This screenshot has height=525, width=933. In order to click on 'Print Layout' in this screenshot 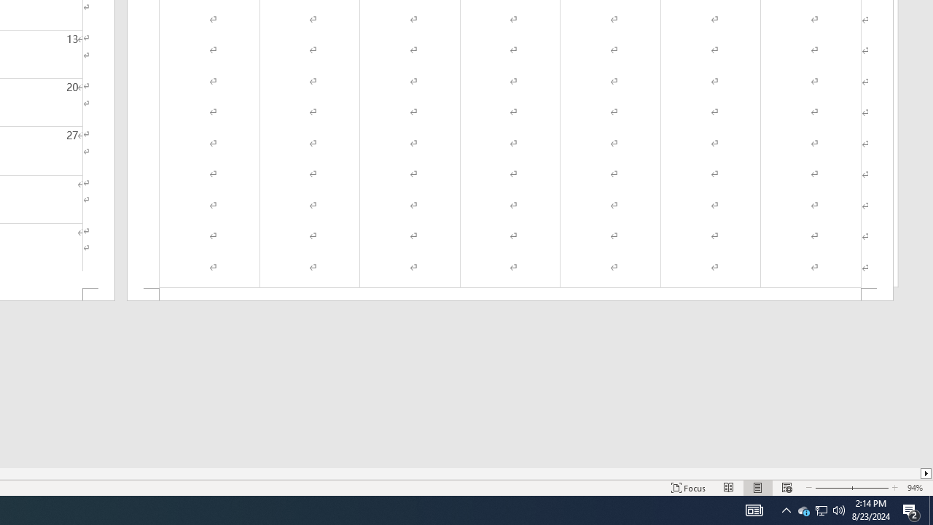, I will do `click(758, 488)`.